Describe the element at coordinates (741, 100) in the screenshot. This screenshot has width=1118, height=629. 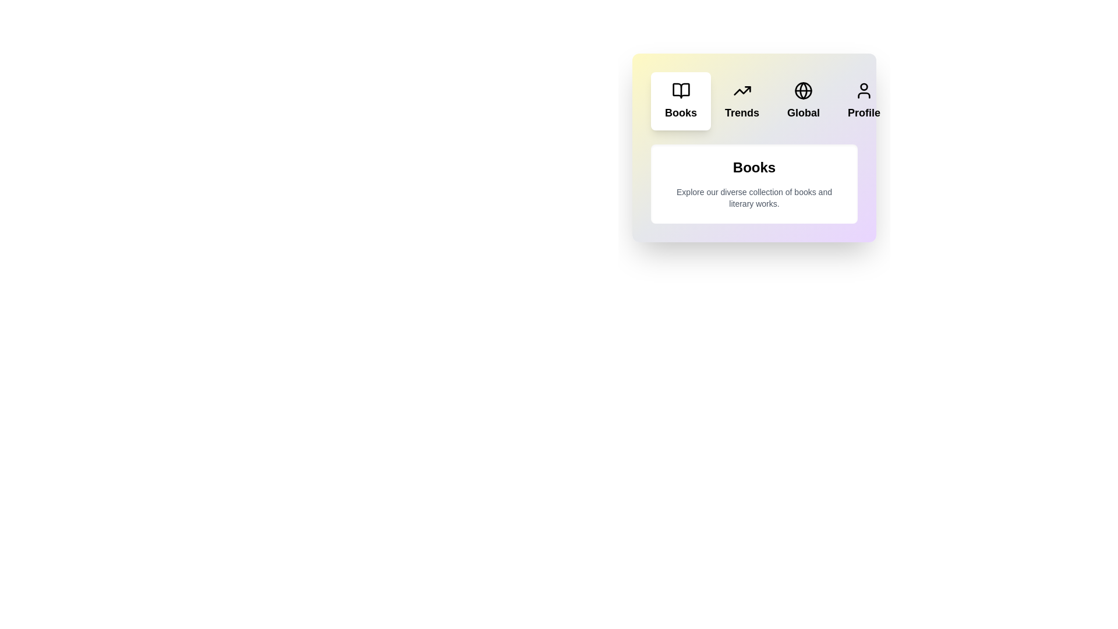
I see `the tab button labeled 'Trends' to observe its visual effect` at that location.